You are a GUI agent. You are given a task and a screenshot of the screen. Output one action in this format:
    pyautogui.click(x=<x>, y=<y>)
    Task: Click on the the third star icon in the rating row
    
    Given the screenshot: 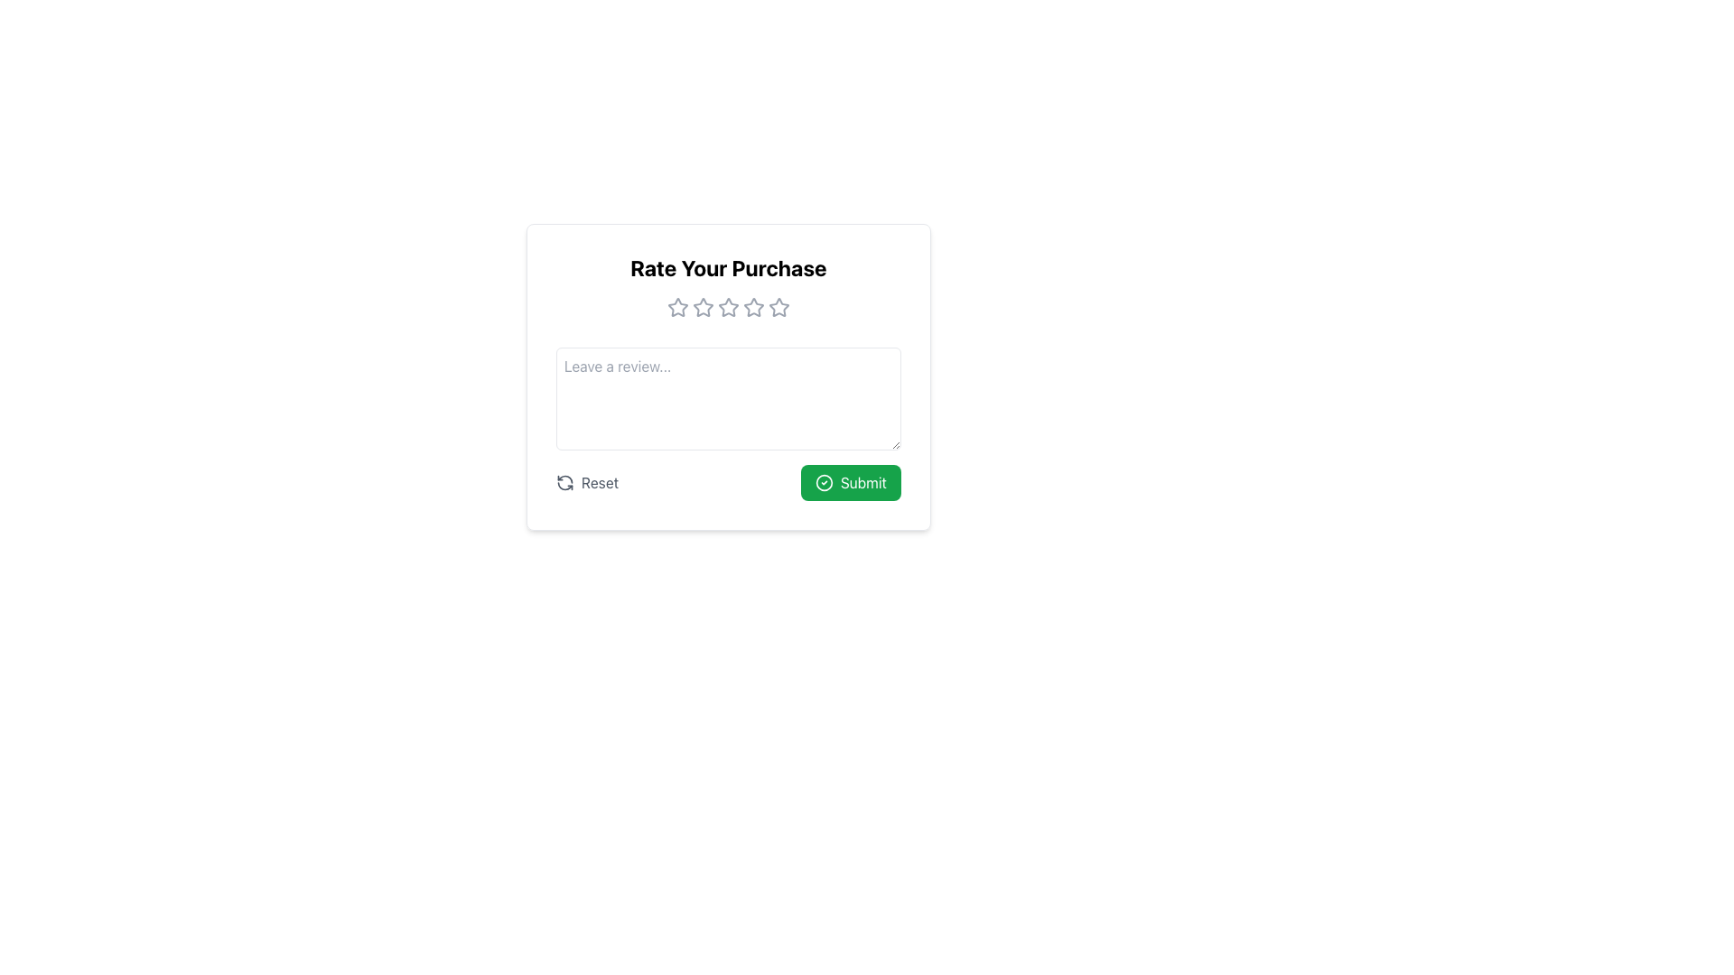 What is the action you would take?
    pyautogui.click(x=702, y=306)
    